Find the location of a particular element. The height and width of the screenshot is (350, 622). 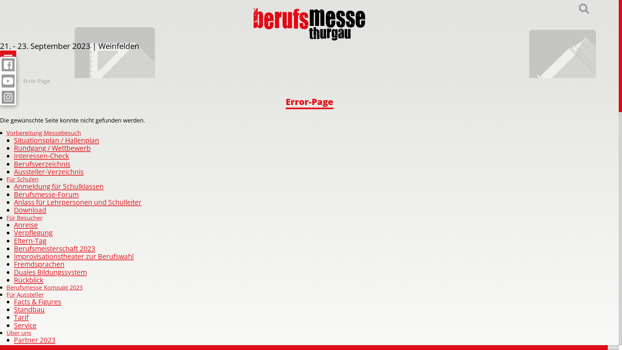

'Berufsmeisterschaft 2023' is located at coordinates (54, 248).